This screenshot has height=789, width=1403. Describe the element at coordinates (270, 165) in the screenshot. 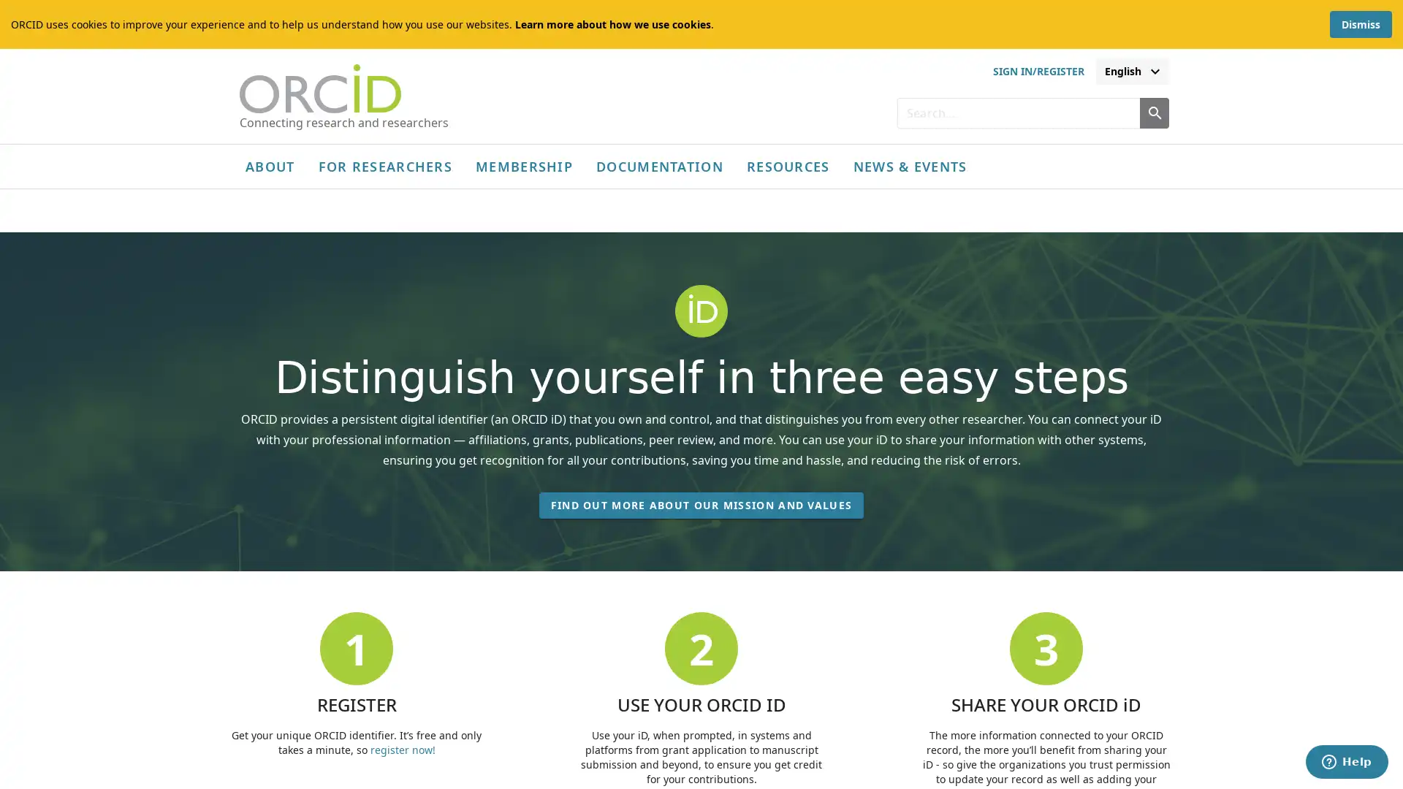

I see `ABOUT` at that location.